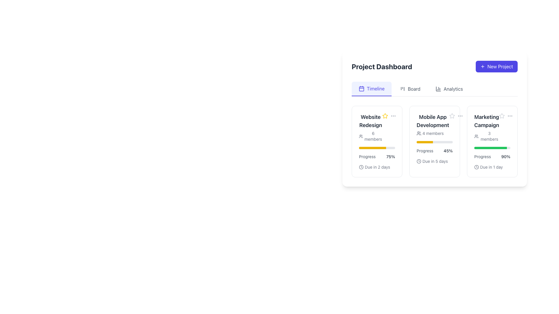  Describe the element at coordinates (385, 116) in the screenshot. I see `the star-shaped icon with a yellow outline located at the top-right of the 'Website Redesign' card in the 'Project Dashboard' interface` at that location.